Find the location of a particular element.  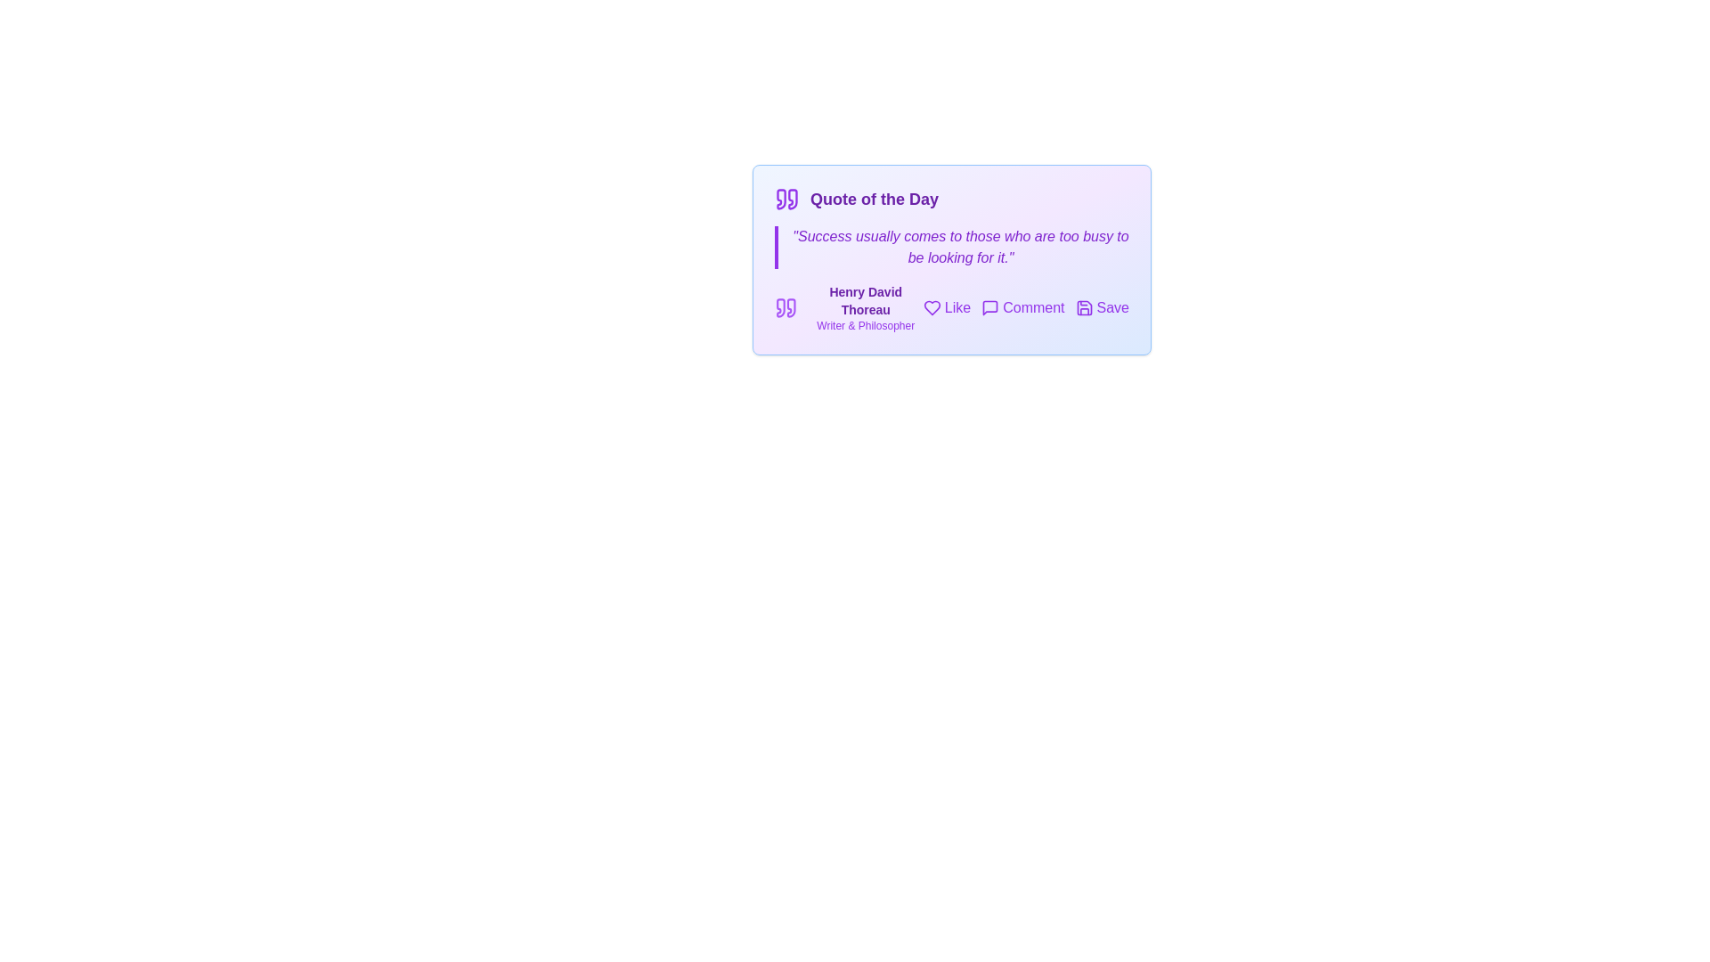

the comment icon, which is the first item in the horizontal arrangement is located at coordinates (989, 307).